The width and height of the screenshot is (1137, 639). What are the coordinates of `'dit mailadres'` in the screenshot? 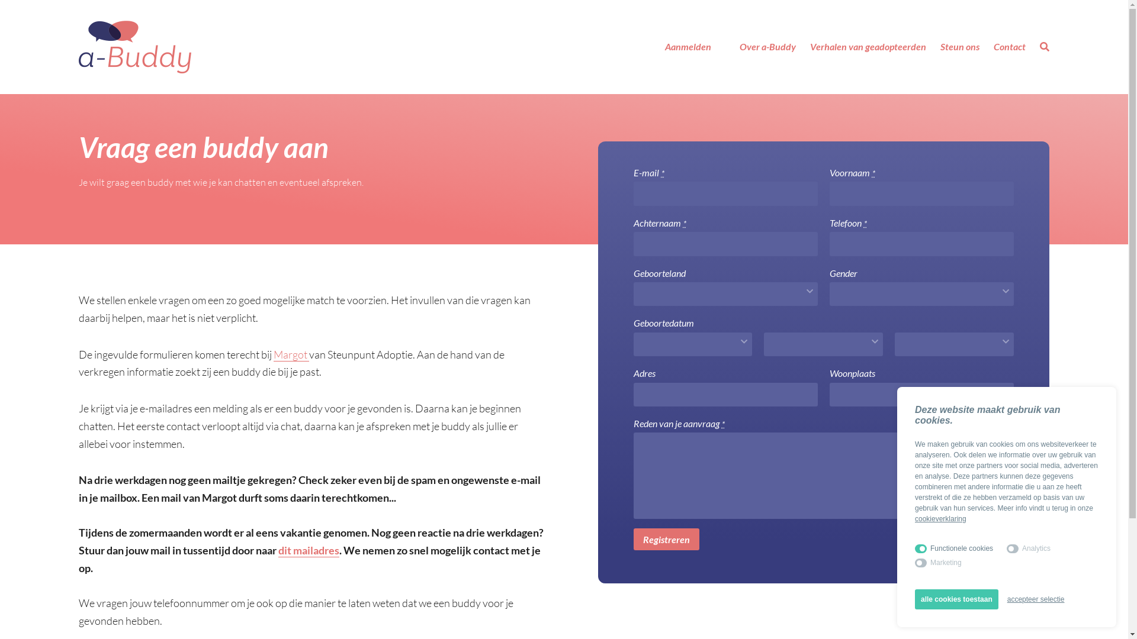 It's located at (309, 550).